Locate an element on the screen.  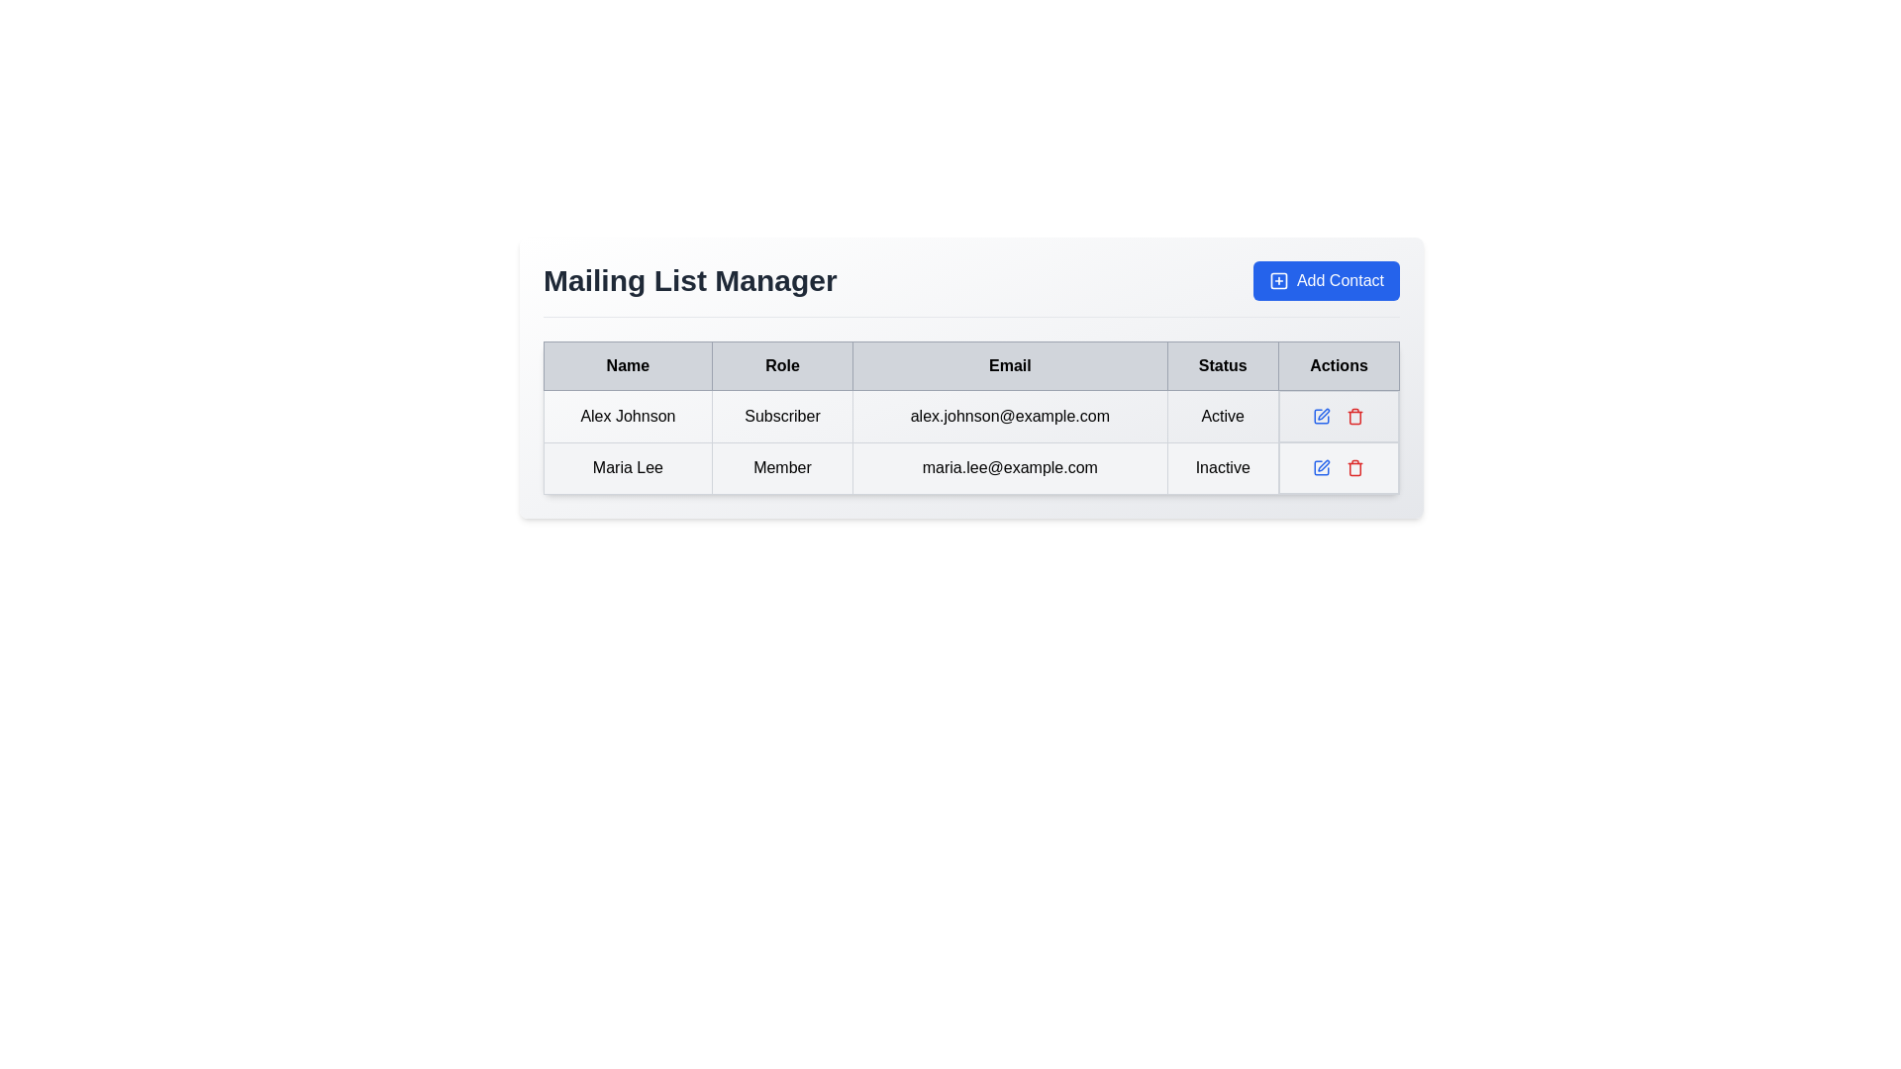
the Text Cell in the 'Status' column of the data table that contains the text 'Active' is located at coordinates (1222, 415).